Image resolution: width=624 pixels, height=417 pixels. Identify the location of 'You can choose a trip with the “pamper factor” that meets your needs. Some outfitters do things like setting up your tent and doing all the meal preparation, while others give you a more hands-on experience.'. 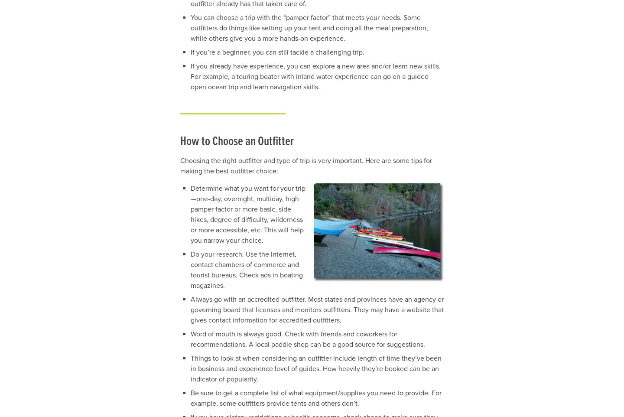
(309, 28).